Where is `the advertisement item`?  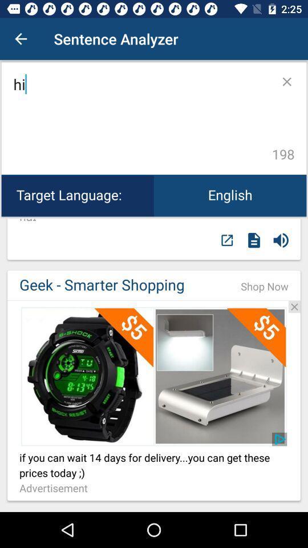 the advertisement item is located at coordinates (56, 487).